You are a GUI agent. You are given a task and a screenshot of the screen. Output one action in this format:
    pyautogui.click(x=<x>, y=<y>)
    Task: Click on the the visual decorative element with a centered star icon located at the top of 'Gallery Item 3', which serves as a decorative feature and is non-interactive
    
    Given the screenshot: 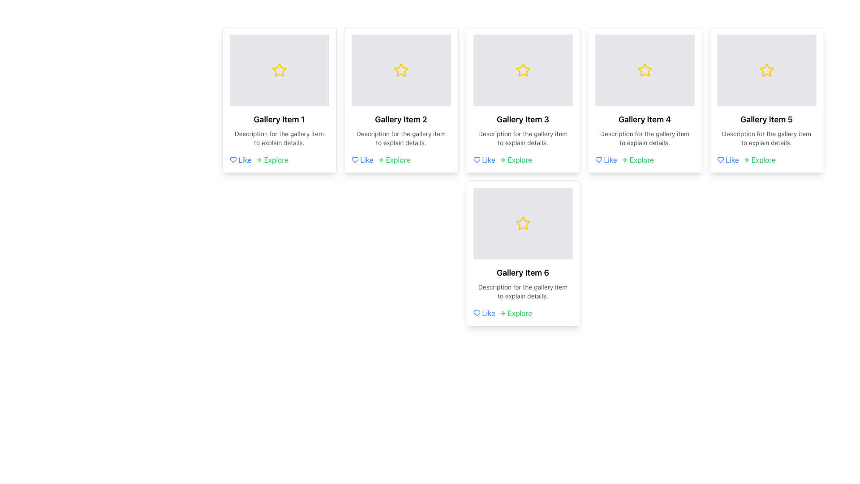 What is the action you would take?
    pyautogui.click(x=523, y=70)
    